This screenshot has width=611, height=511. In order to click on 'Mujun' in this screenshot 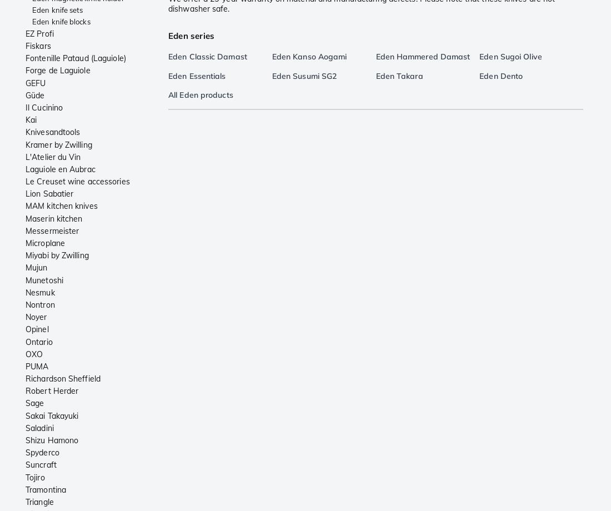, I will do `click(36, 267)`.